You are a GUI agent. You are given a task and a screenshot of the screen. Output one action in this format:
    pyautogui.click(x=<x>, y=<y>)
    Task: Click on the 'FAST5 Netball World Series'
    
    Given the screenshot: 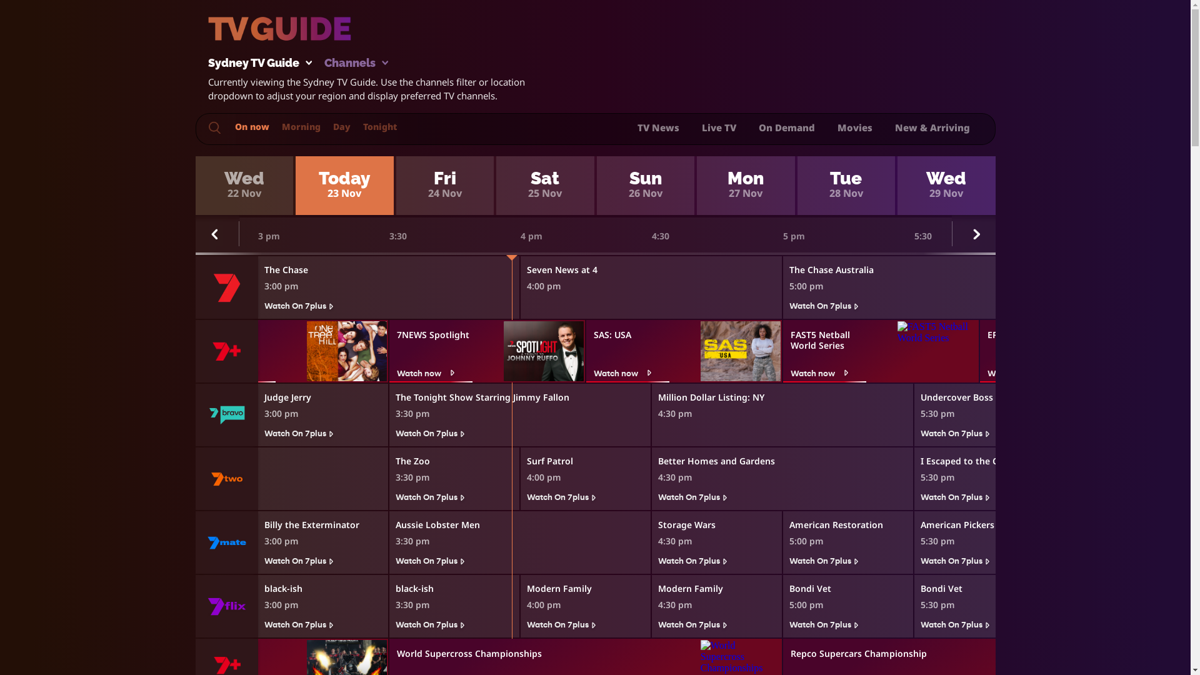 What is the action you would take?
    pyautogui.click(x=828, y=335)
    